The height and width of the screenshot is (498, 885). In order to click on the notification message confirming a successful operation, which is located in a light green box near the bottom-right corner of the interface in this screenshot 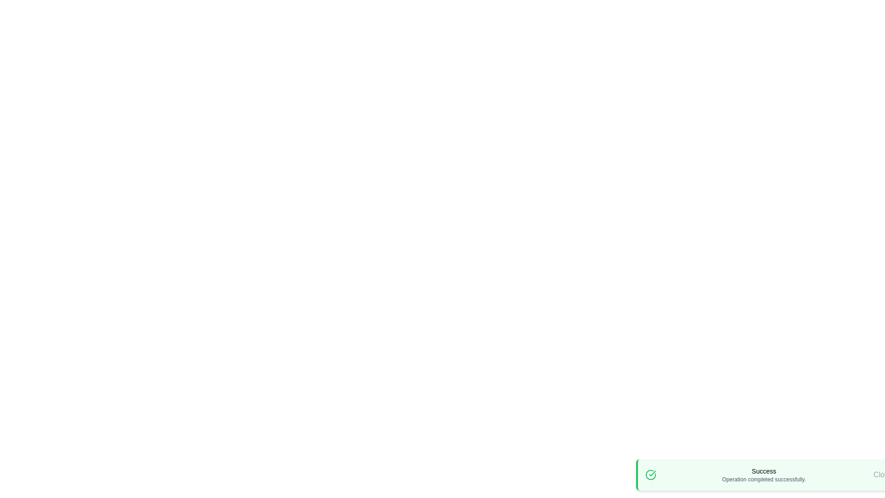, I will do `click(764, 474)`.